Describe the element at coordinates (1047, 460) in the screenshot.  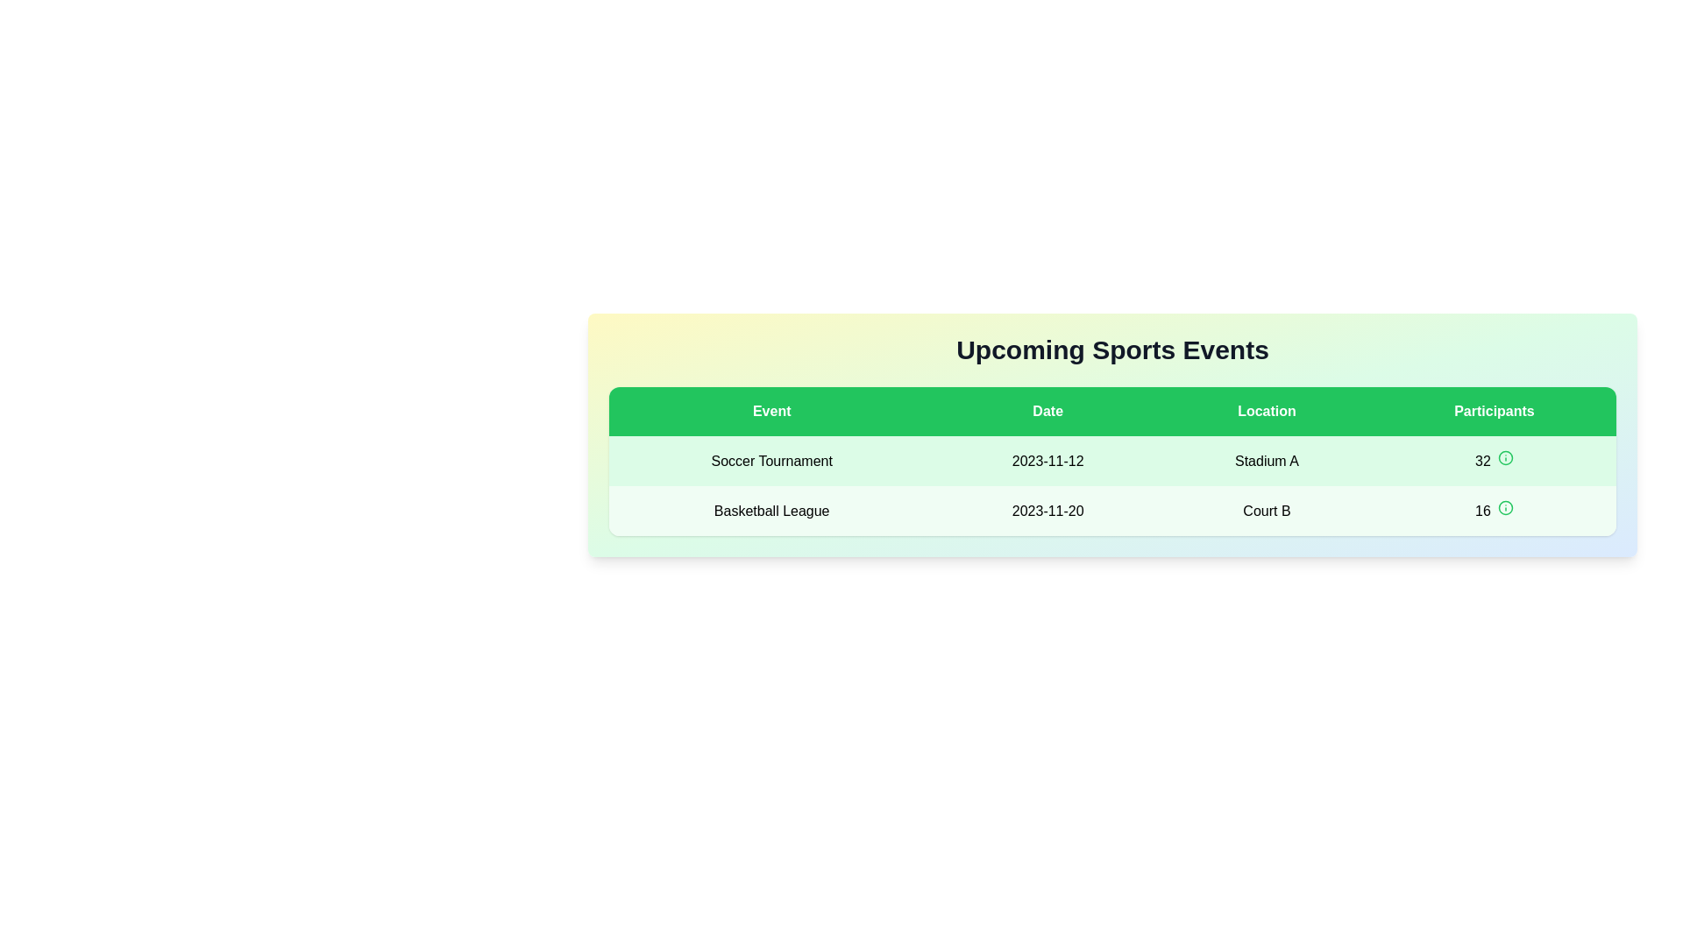
I see `the text label displaying the scheduled date for the event, located in the second column of the first row under the 'Date' header` at that location.